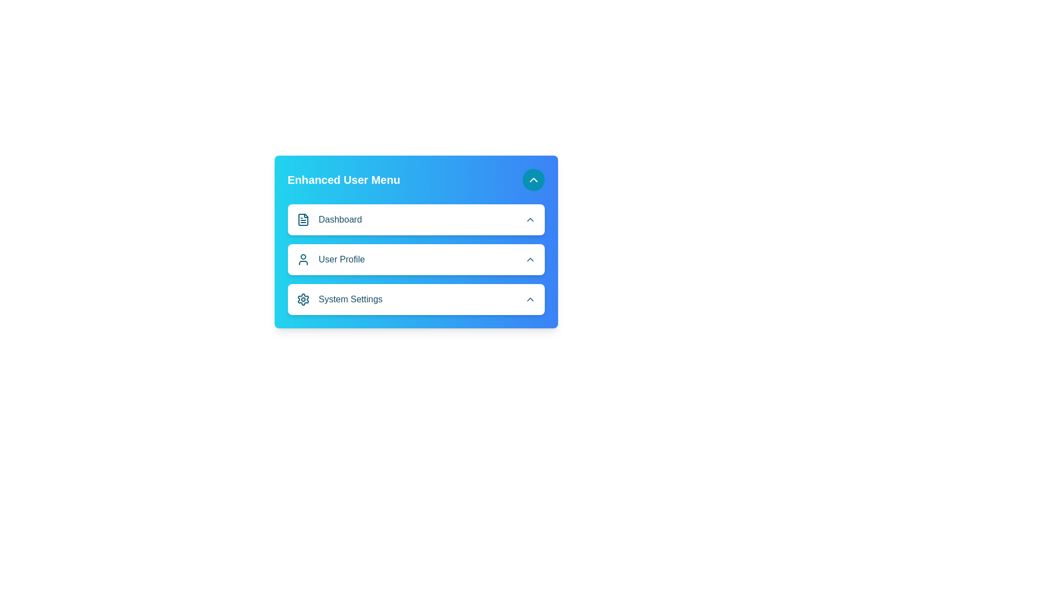 The image size is (1063, 598). Describe the element at coordinates (533, 179) in the screenshot. I see `the upward-pointing chevron icon located within the teal rounded button in the top-right corner of the 'Enhanced User Menu'` at that location.